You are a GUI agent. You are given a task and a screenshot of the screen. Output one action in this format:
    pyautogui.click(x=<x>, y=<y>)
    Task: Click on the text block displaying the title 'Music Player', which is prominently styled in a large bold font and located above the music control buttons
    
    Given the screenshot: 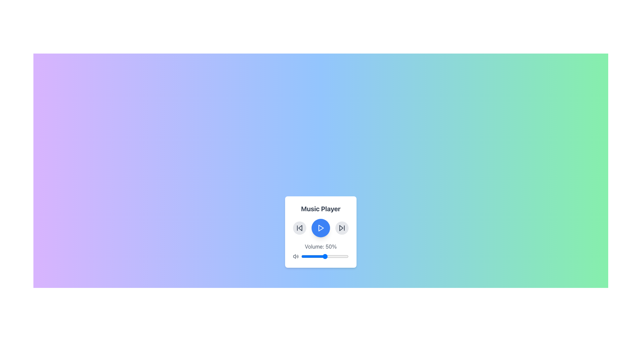 What is the action you would take?
    pyautogui.click(x=320, y=209)
    